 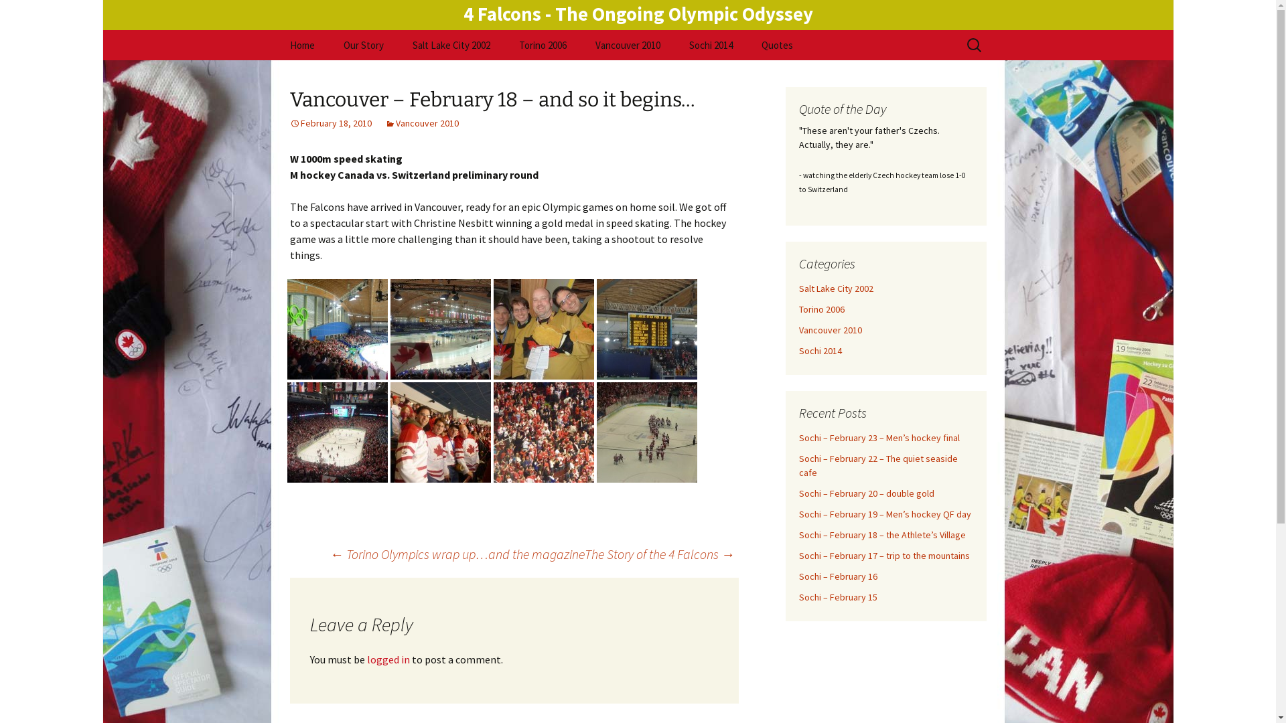 I want to click on 'Home', so click(x=301, y=44).